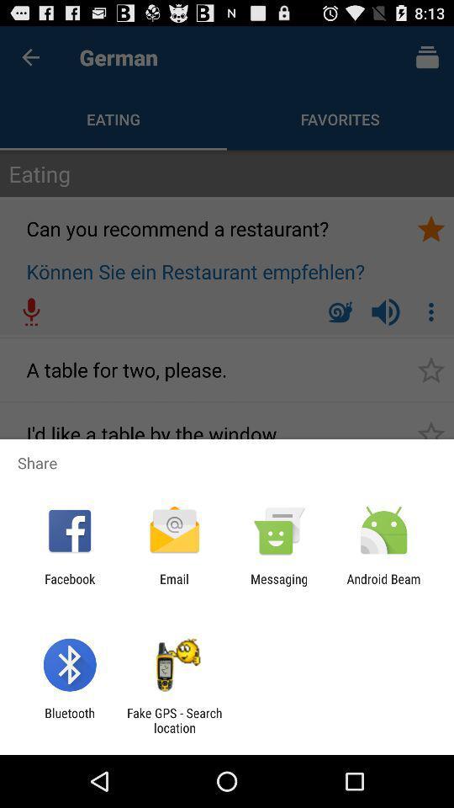 The image size is (454, 808). Describe the element at coordinates (69, 586) in the screenshot. I see `the facebook` at that location.